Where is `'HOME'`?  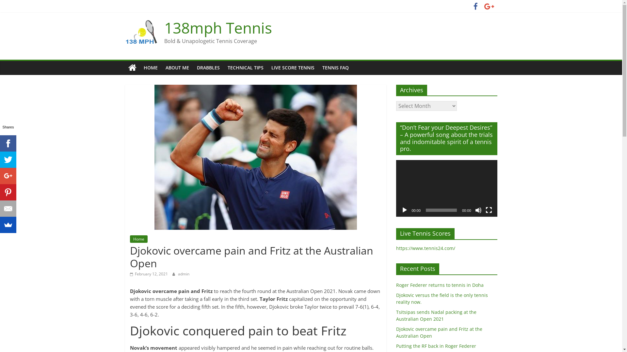
'HOME' is located at coordinates (150, 68).